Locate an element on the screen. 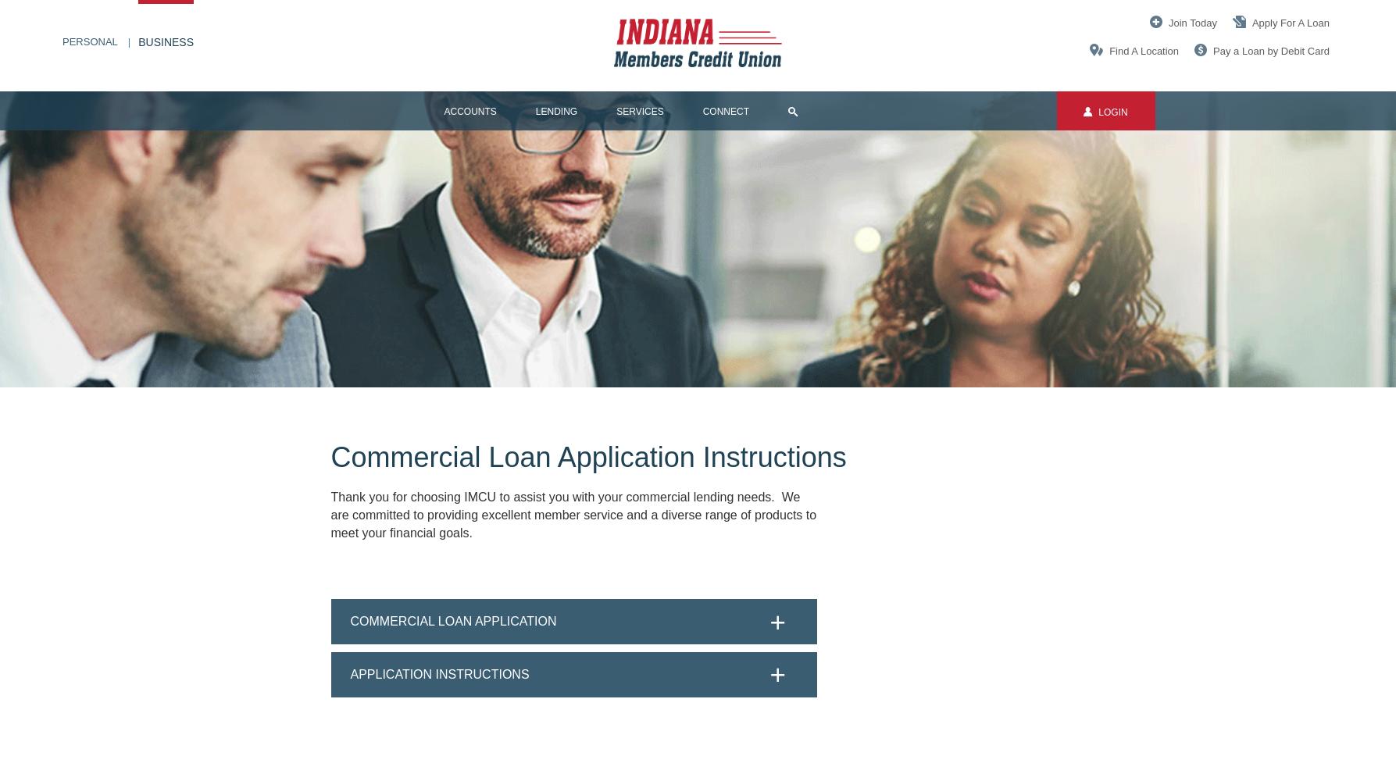 The width and height of the screenshot is (1396, 781). 'Commercial loan application' is located at coordinates (350, 621).